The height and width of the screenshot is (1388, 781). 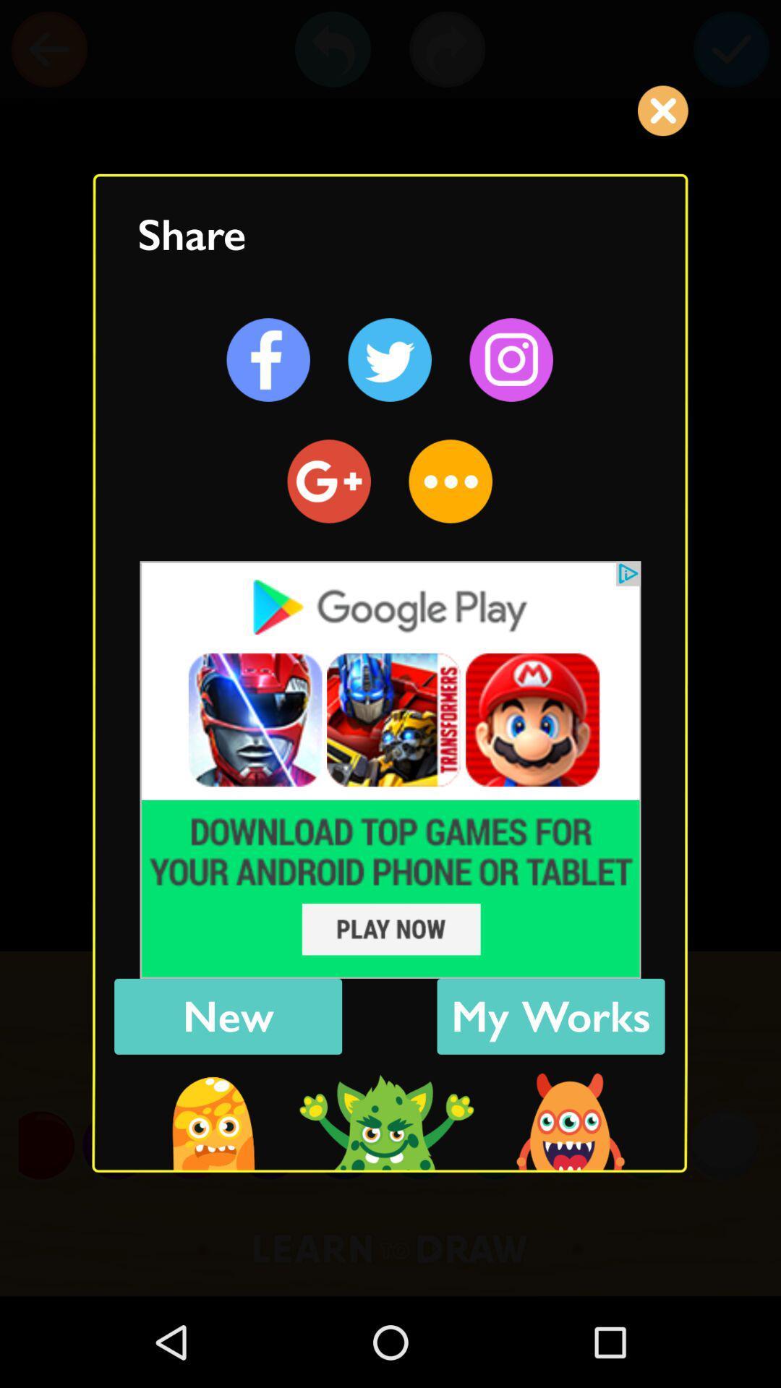 I want to click on the twitter icon, so click(x=389, y=360).